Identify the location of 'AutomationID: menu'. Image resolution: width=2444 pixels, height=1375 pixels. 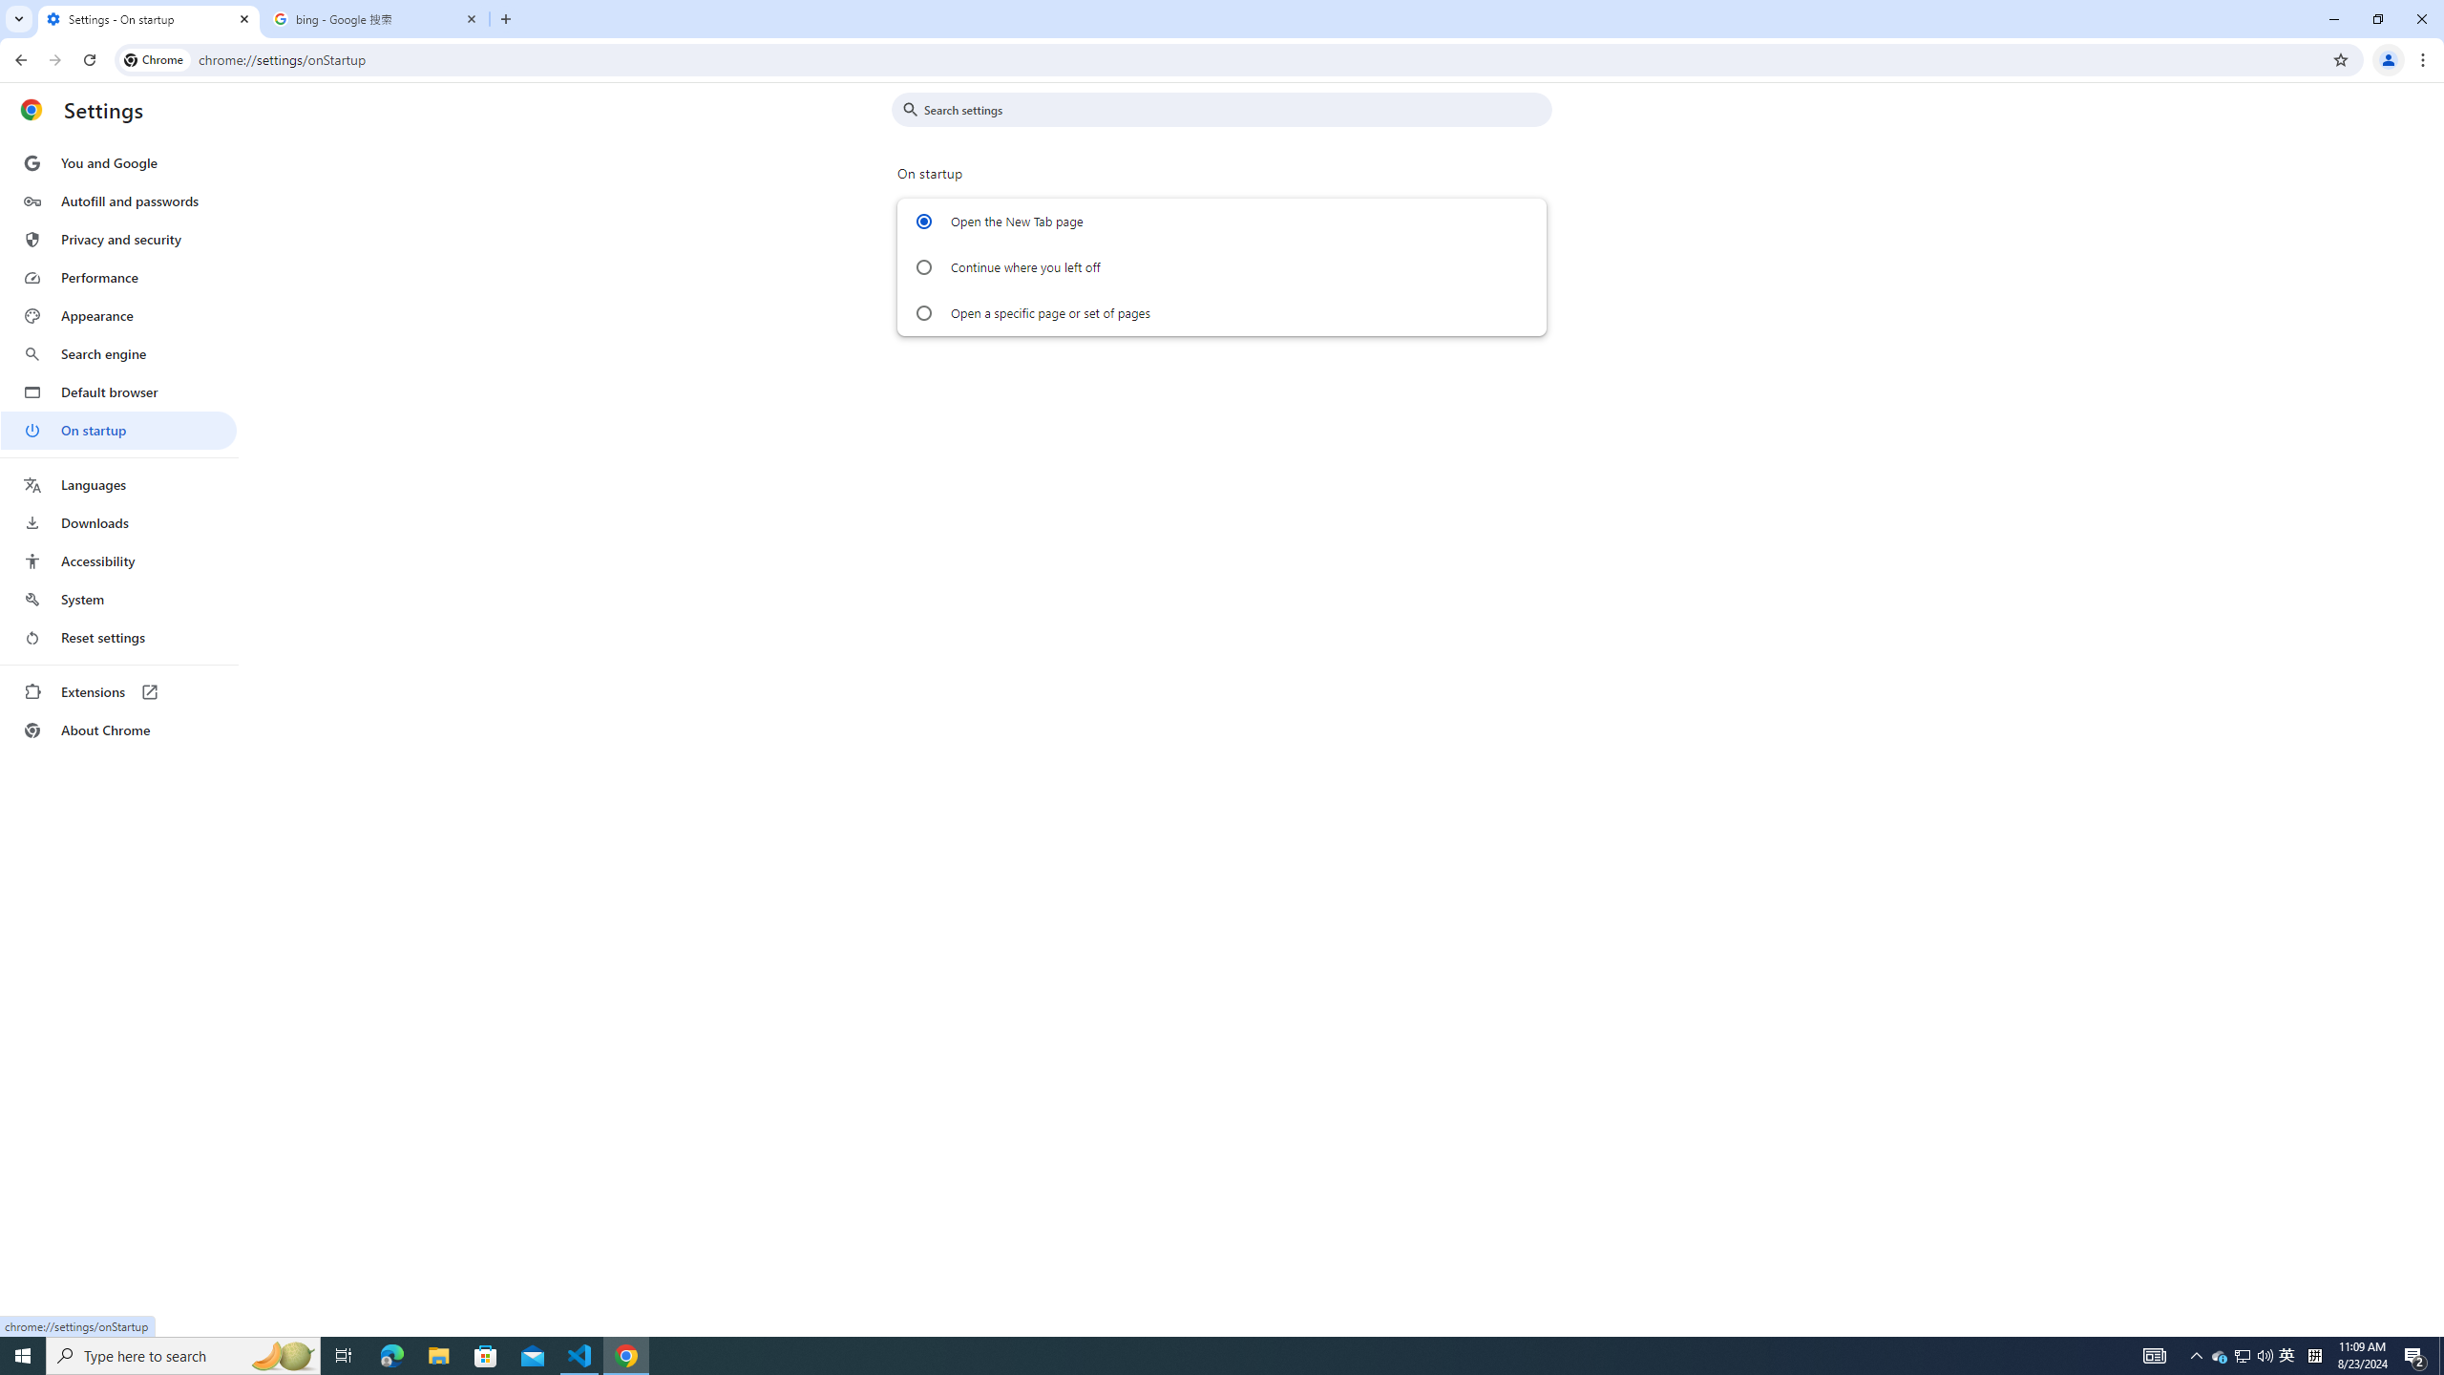
(119, 446).